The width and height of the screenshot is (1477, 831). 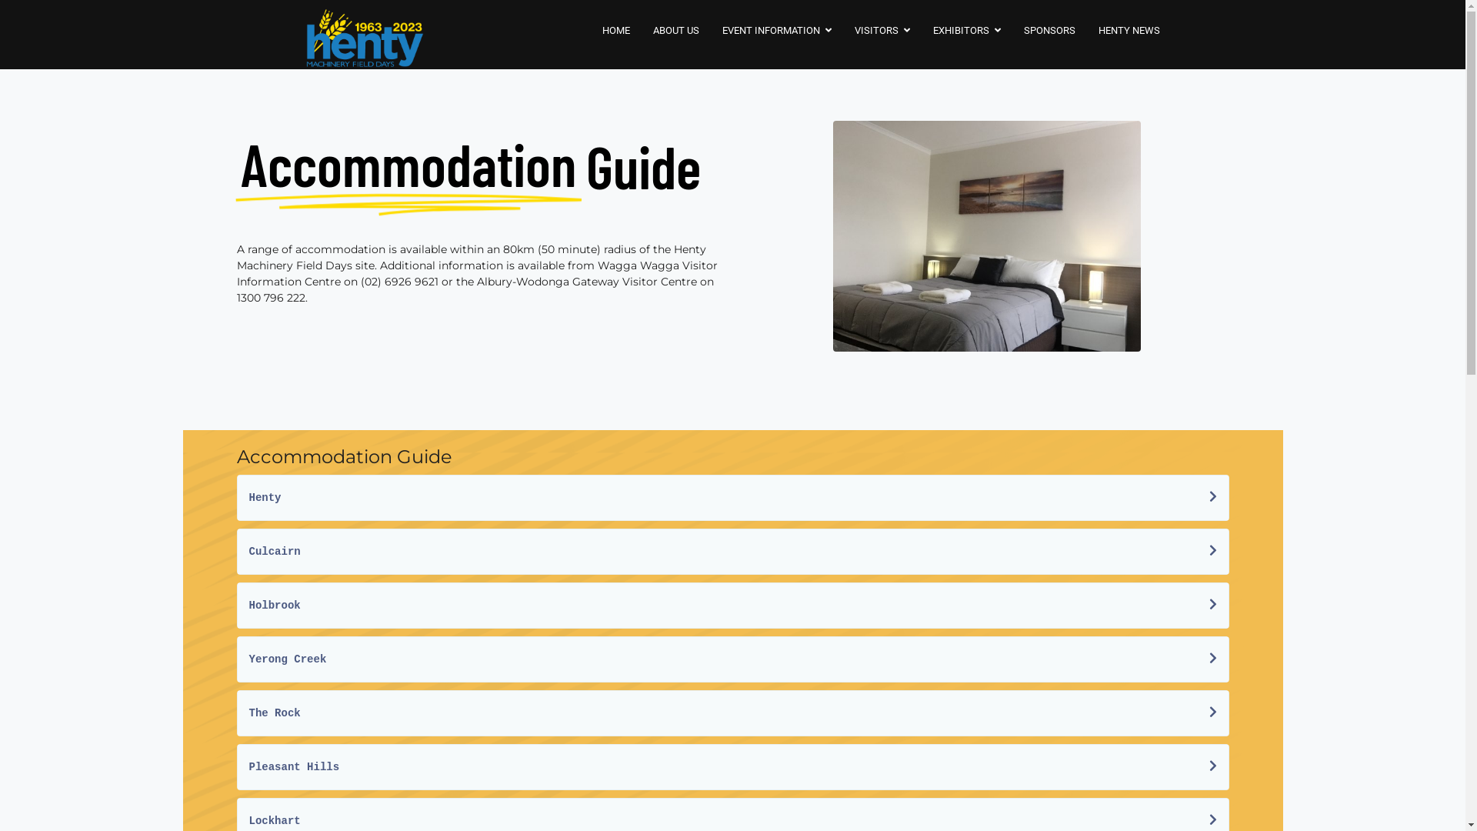 What do you see at coordinates (1049, 30) in the screenshot?
I see `'SPONSORS'` at bounding box center [1049, 30].